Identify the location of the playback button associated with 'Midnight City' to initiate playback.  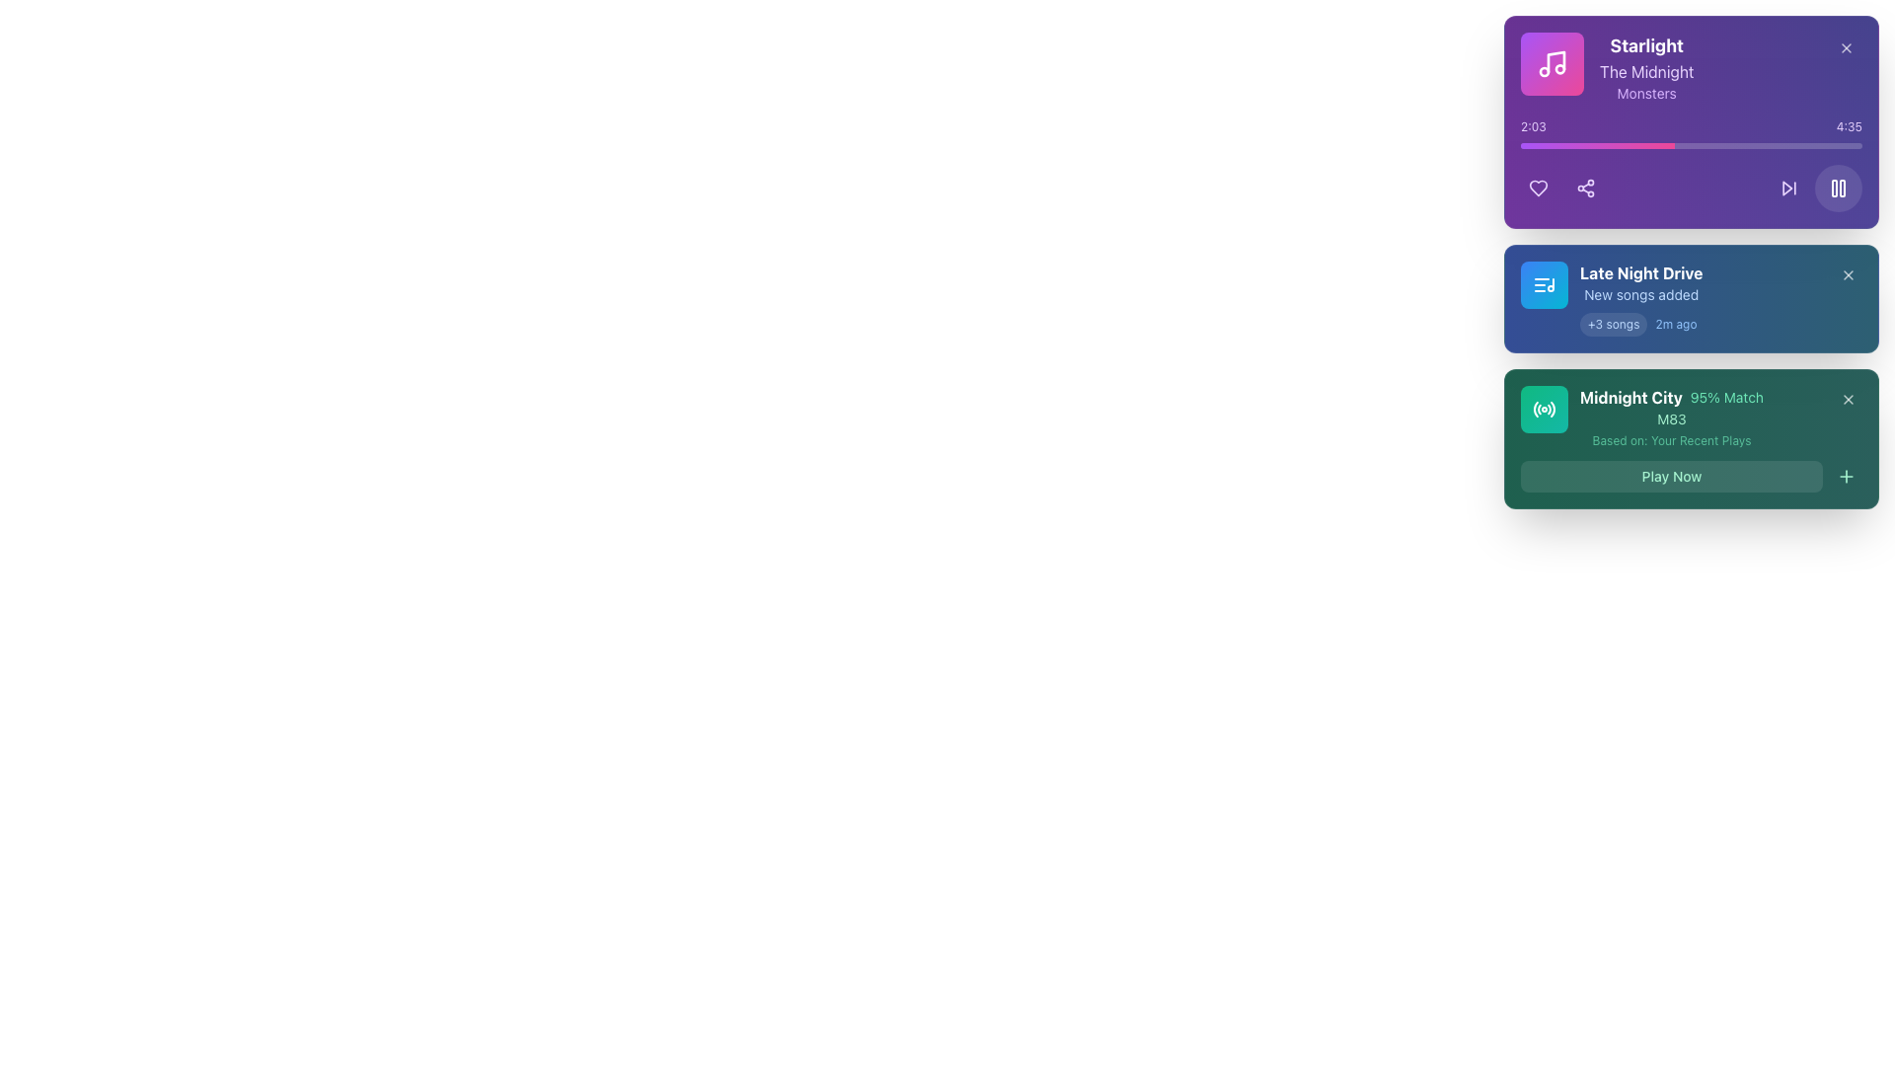
(1671, 476).